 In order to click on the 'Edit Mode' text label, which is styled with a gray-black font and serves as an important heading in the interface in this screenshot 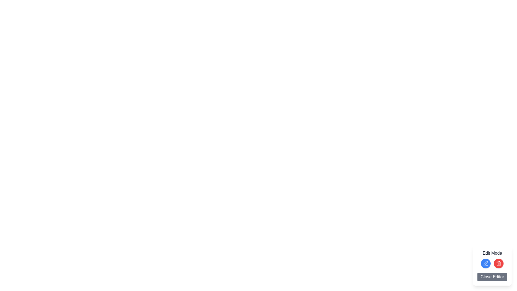, I will do `click(492, 253)`.